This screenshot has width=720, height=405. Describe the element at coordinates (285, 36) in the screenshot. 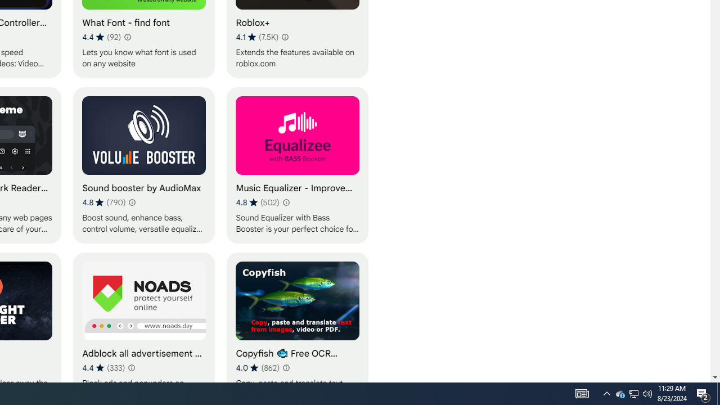

I see `'Learn more about results and reviews "Roblox+"'` at that location.